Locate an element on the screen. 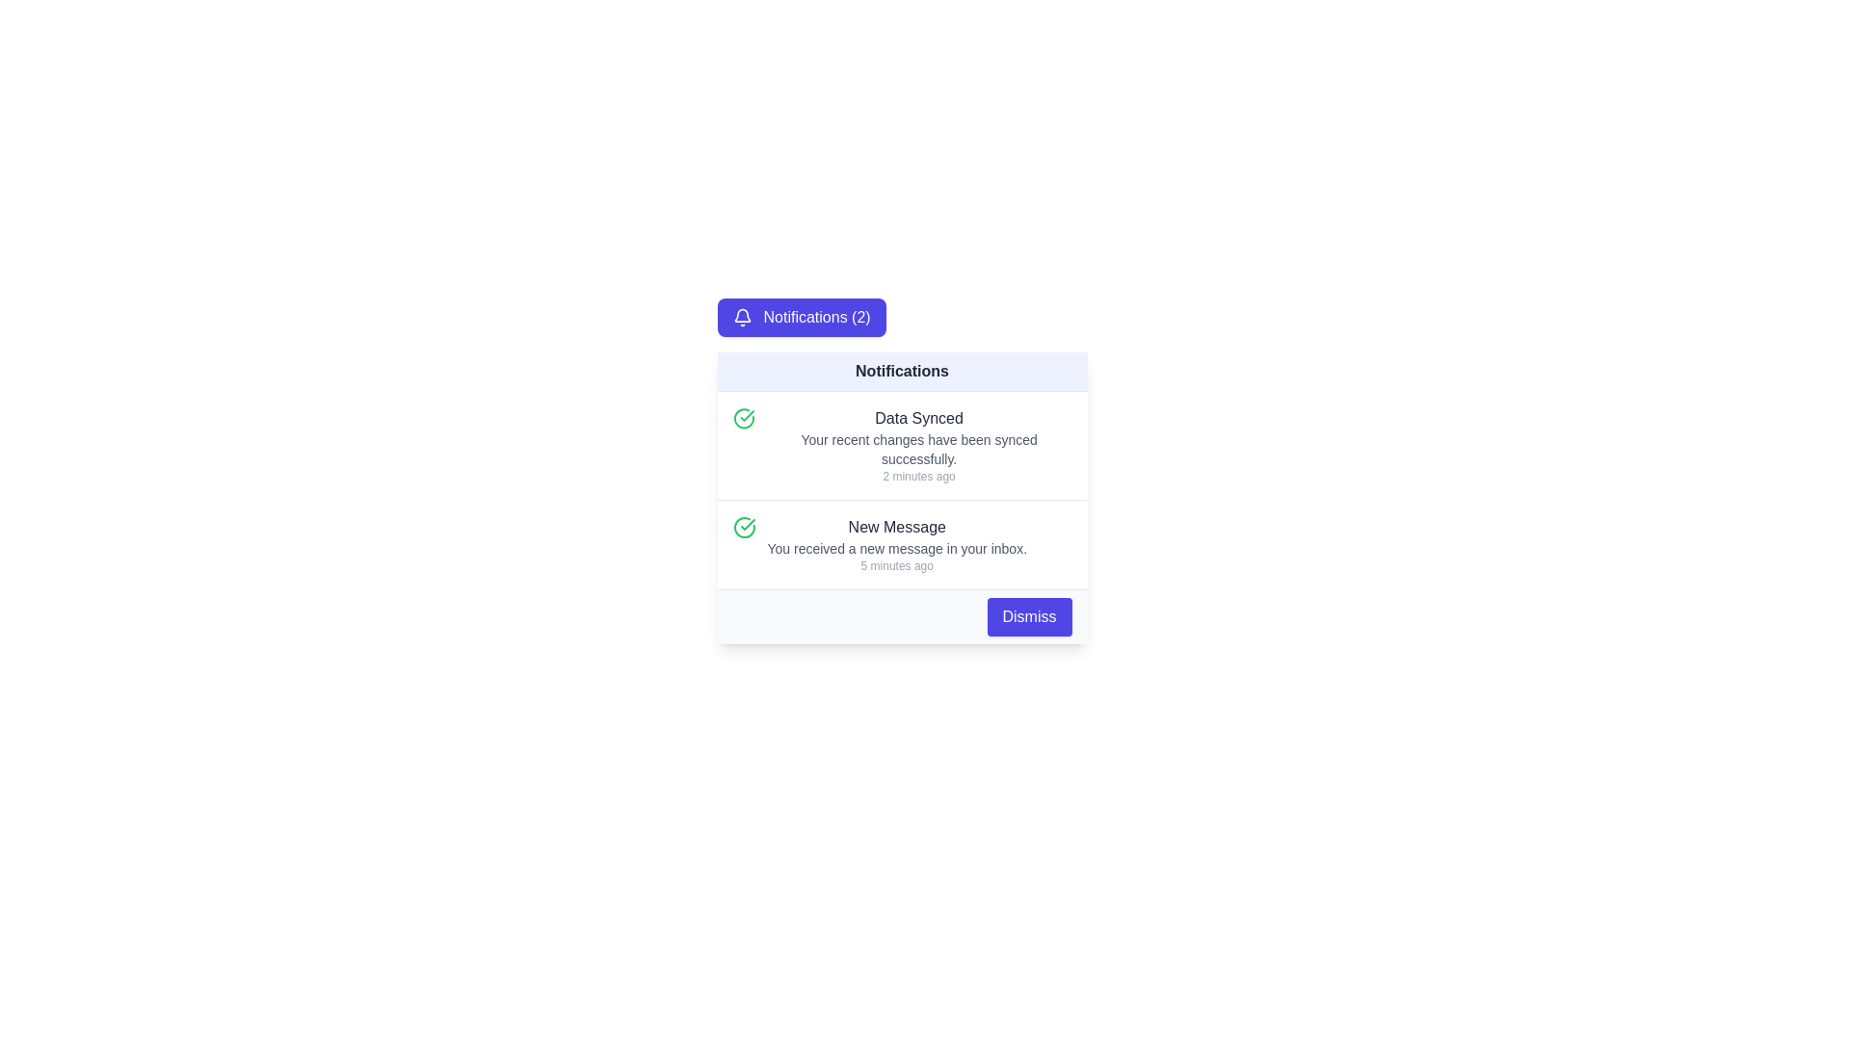  the green checkmark icon within a circle, located to the left of the 'Data Synced' notification title is located at coordinates (743, 418).